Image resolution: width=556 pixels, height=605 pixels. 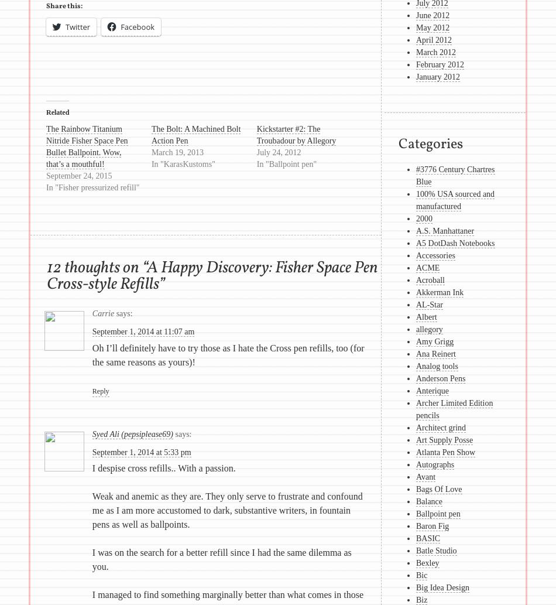 What do you see at coordinates (103, 313) in the screenshot?
I see `'Carrie'` at bounding box center [103, 313].